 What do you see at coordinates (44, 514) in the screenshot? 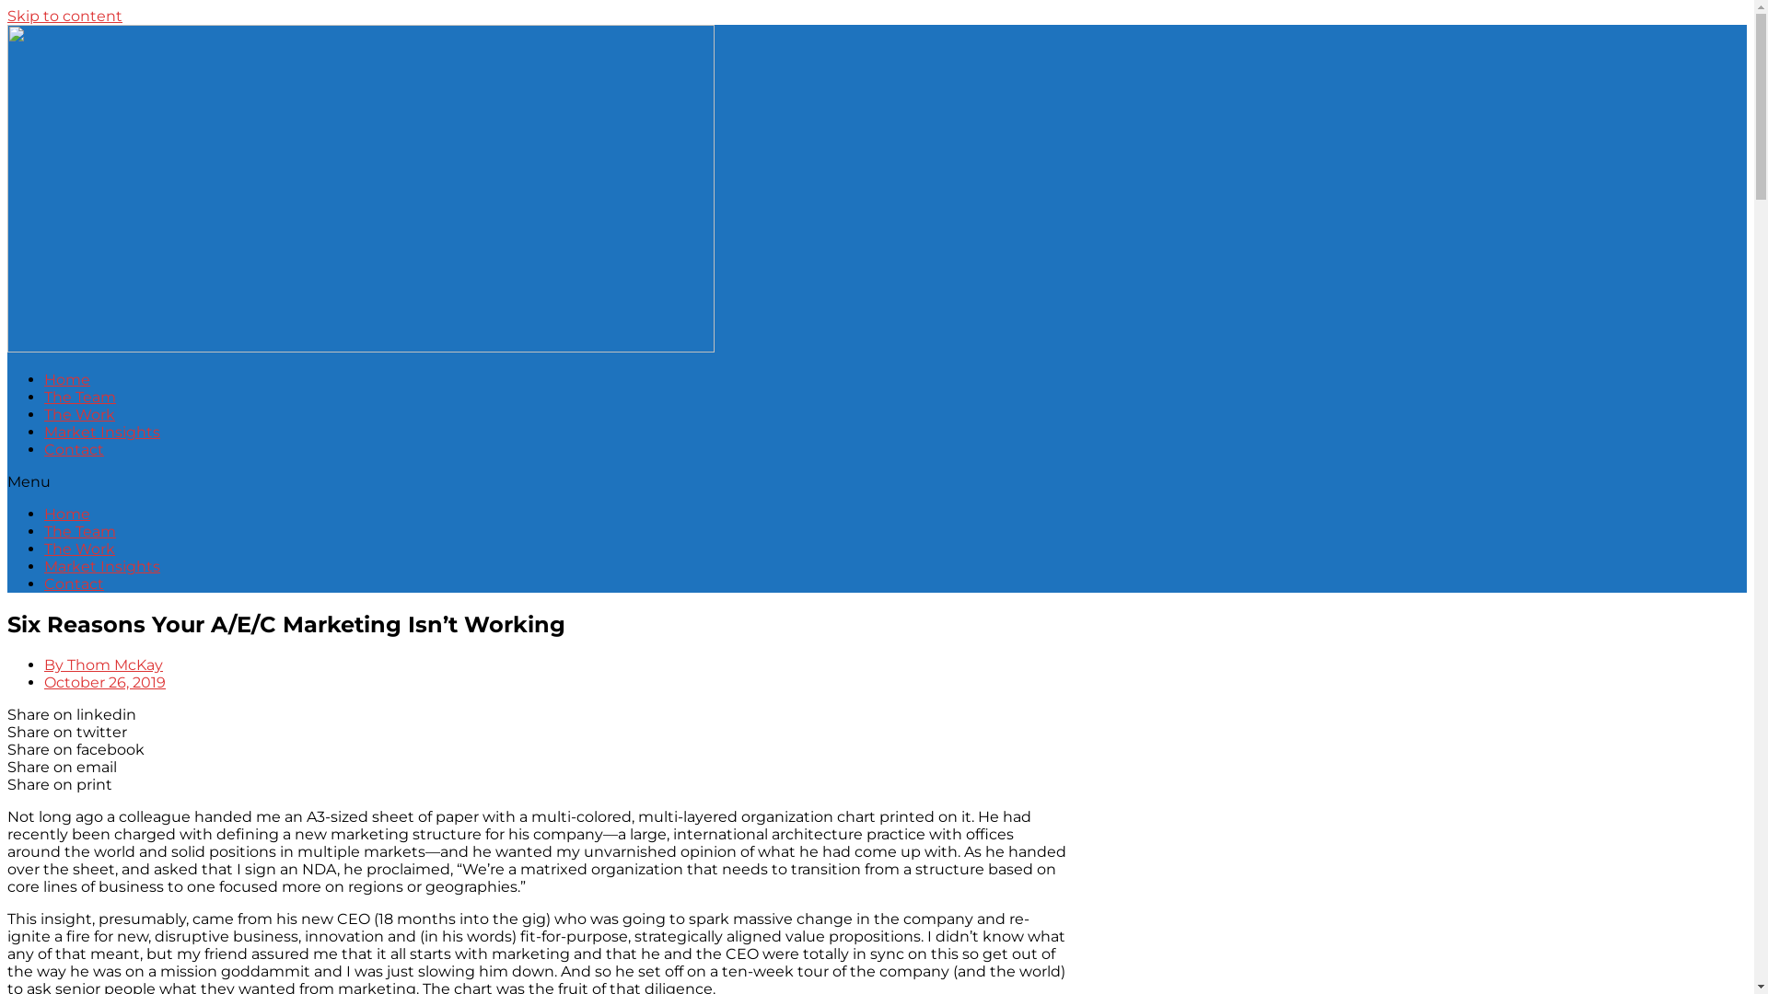
I see `'Home'` at bounding box center [44, 514].